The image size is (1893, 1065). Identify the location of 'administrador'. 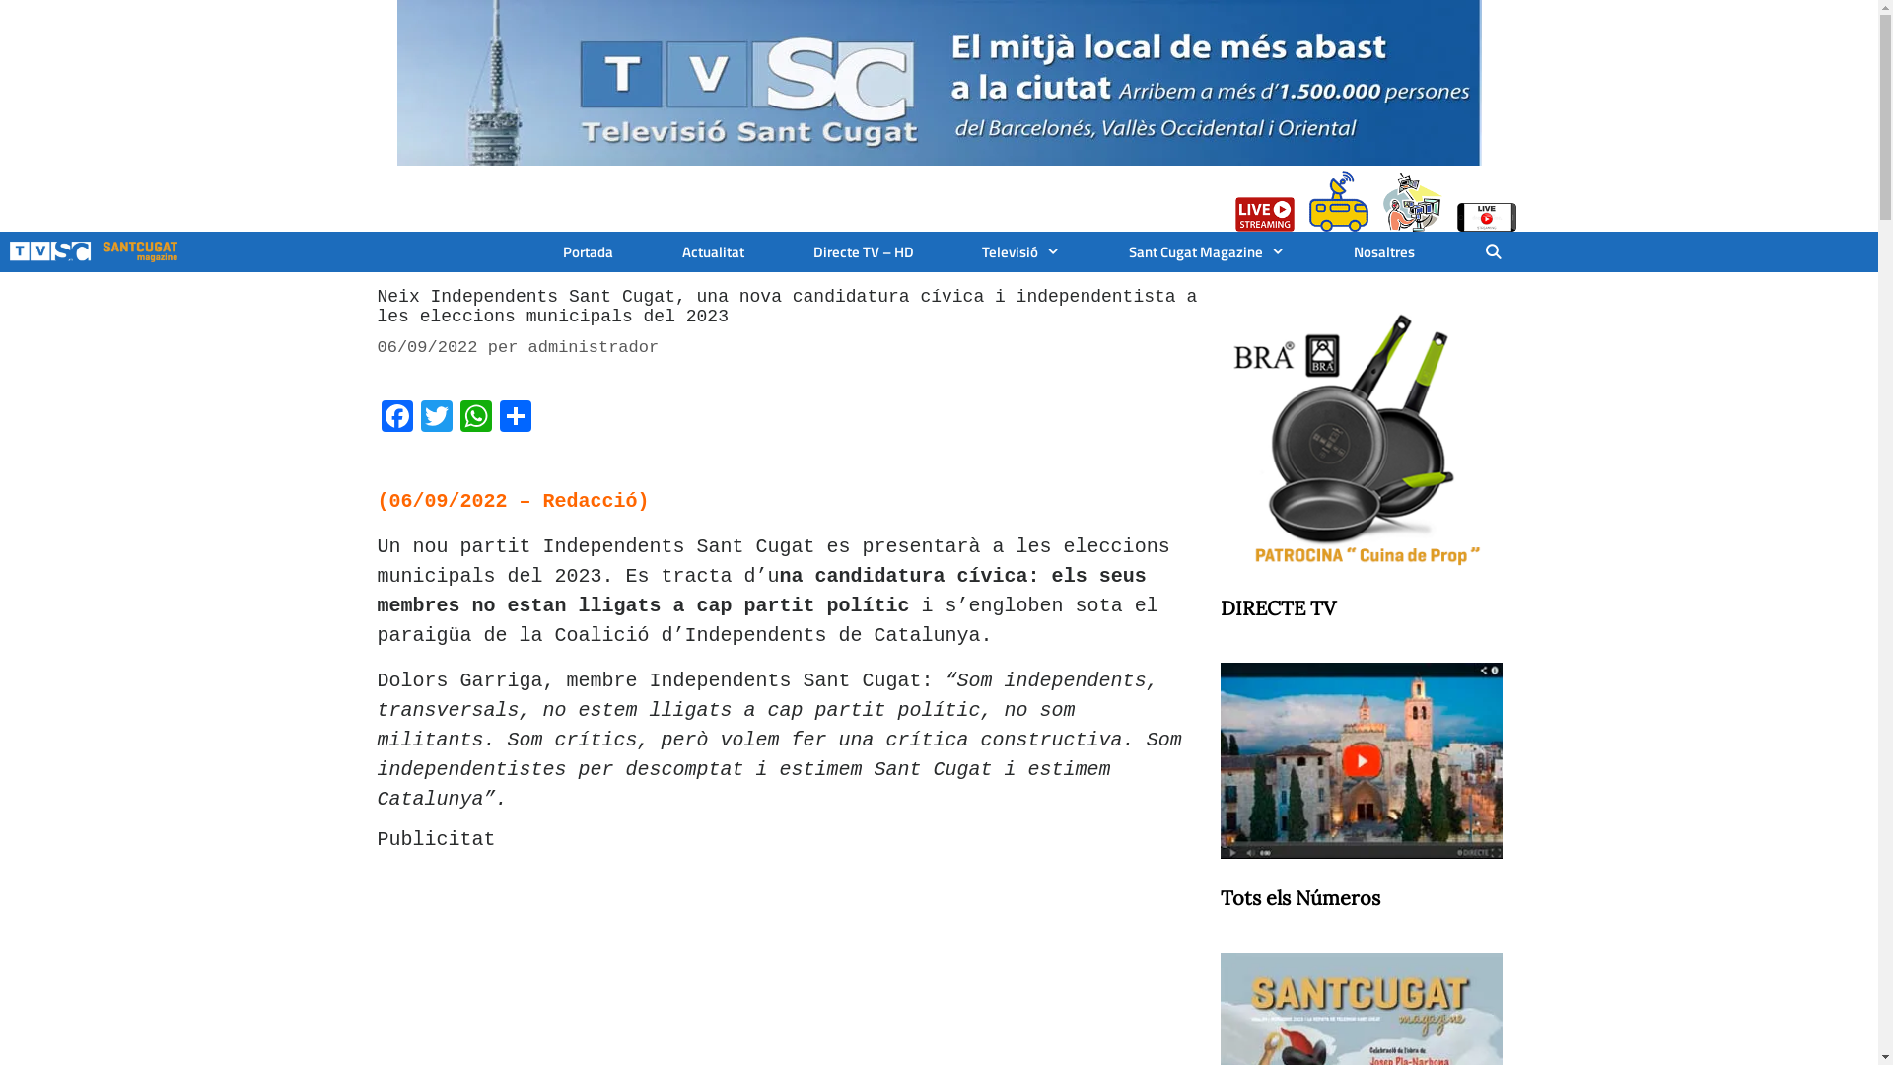
(593, 346).